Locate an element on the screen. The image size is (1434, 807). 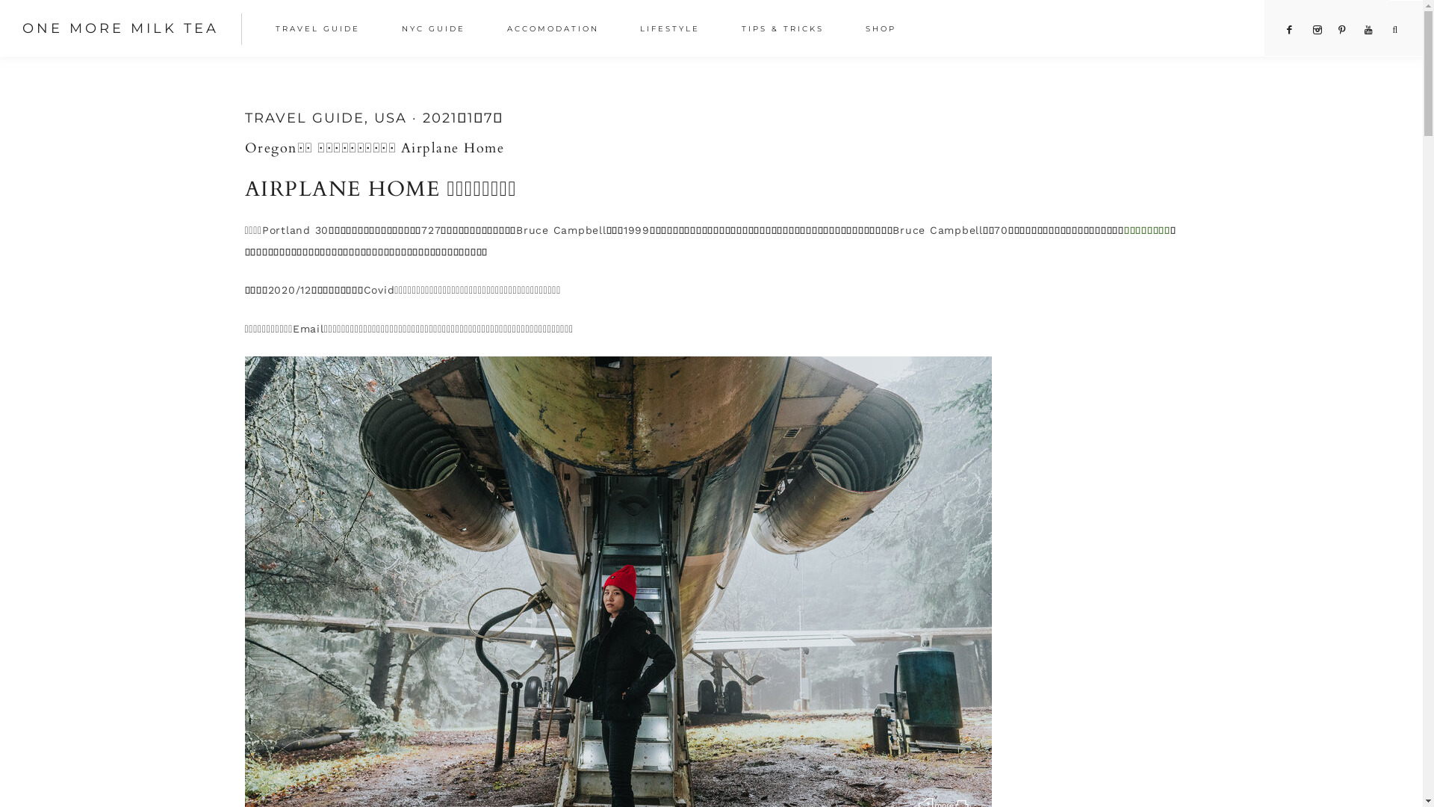
'LIFESTYLE' is located at coordinates (673, 31).